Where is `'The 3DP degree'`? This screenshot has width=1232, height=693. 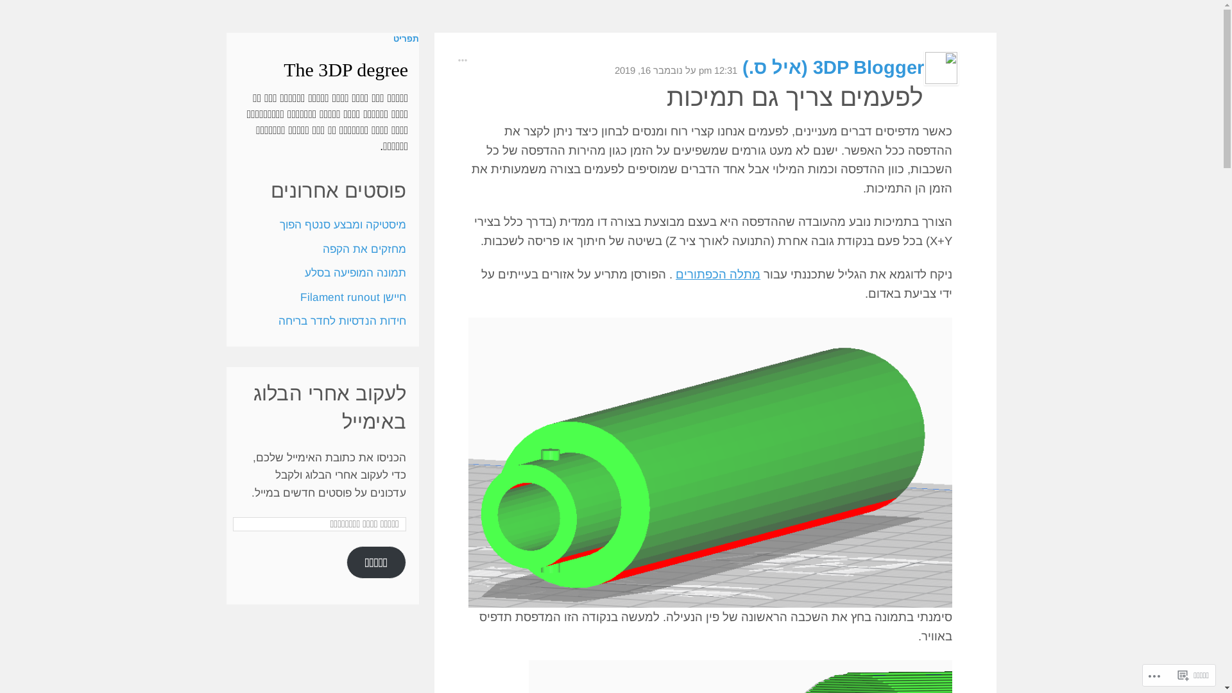 'The 3DP degree' is located at coordinates (345, 69).